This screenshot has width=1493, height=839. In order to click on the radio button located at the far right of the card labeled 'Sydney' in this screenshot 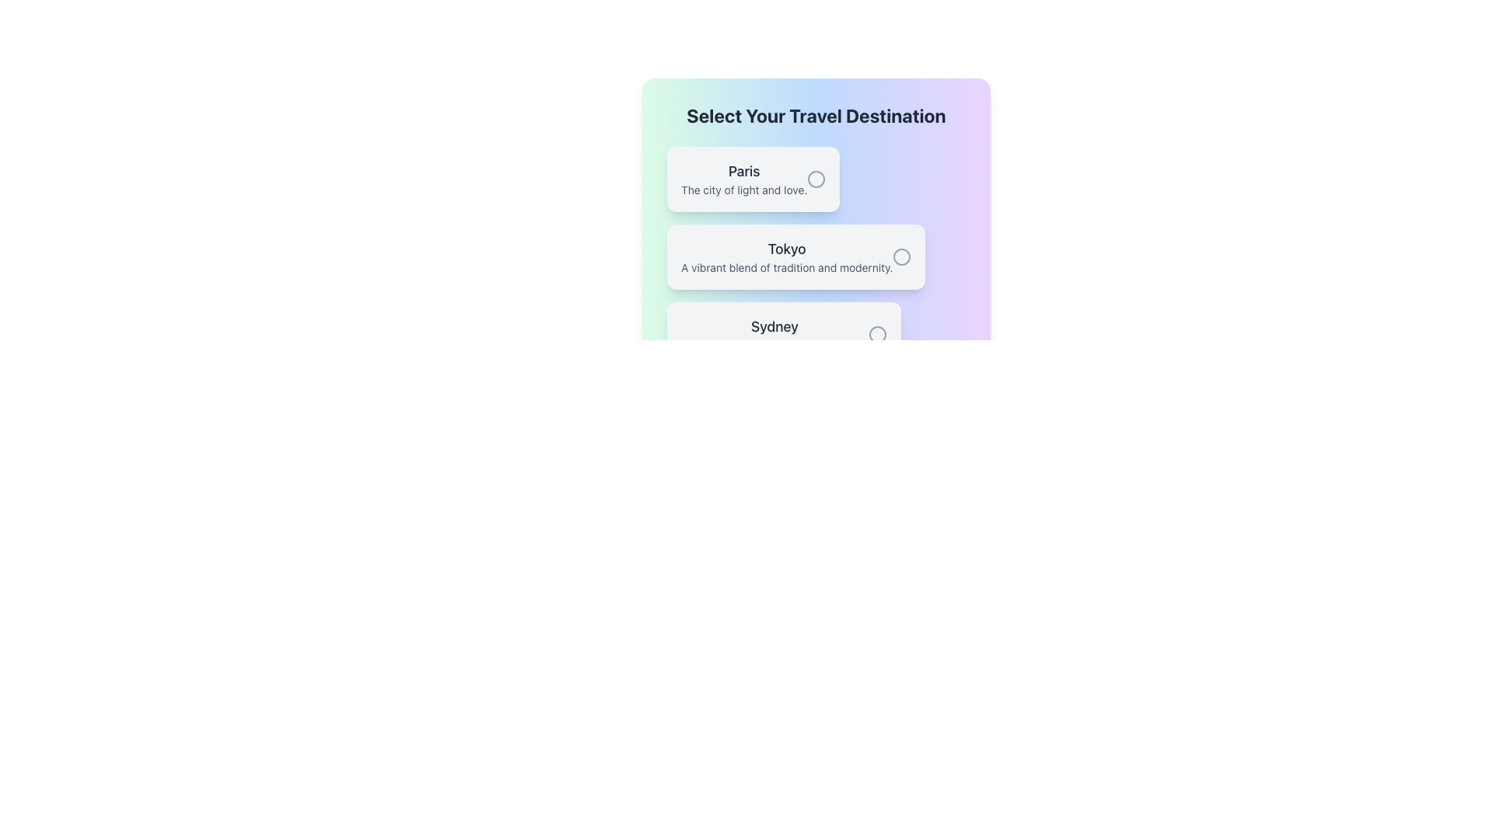, I will do `click(877, 334)`.